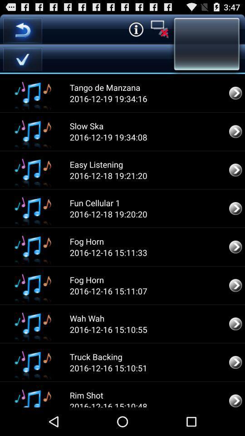 The image size is (245, 436). I want to click on the check icon, so click(23, 63).